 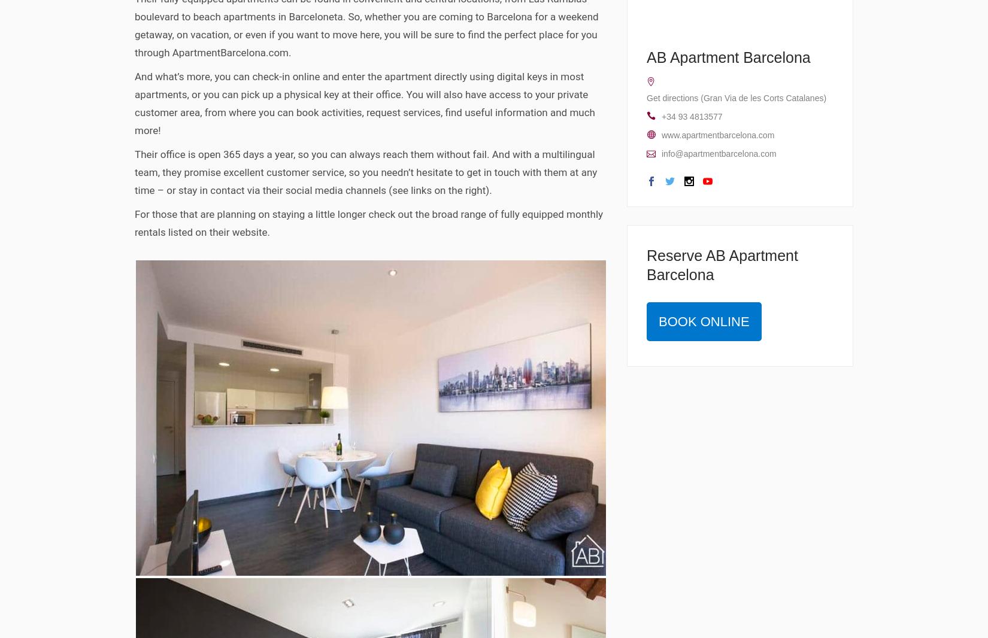 I want to click on 'Get directions (Gran Via de les Corts Catalanes)', so click(x=737, y=96).